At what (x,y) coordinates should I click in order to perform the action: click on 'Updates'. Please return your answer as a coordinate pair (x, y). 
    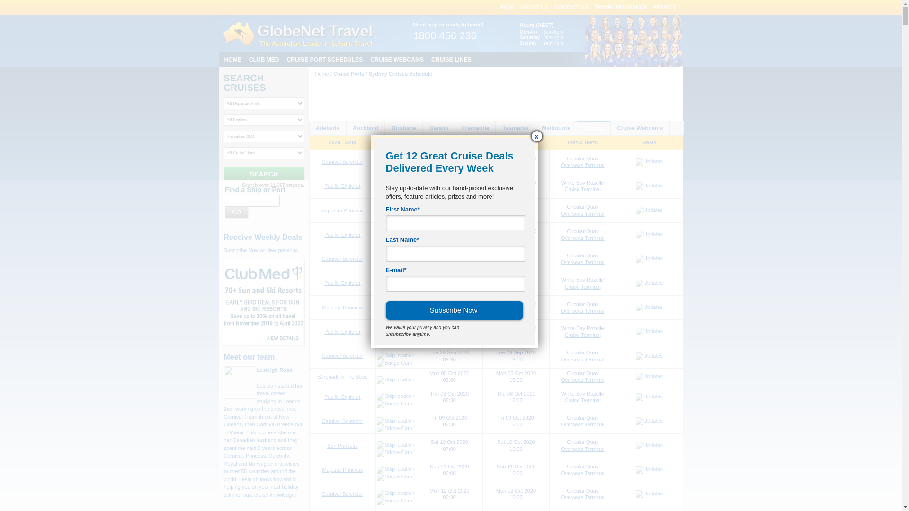
    Looking at the image, I should click on (649, 282).